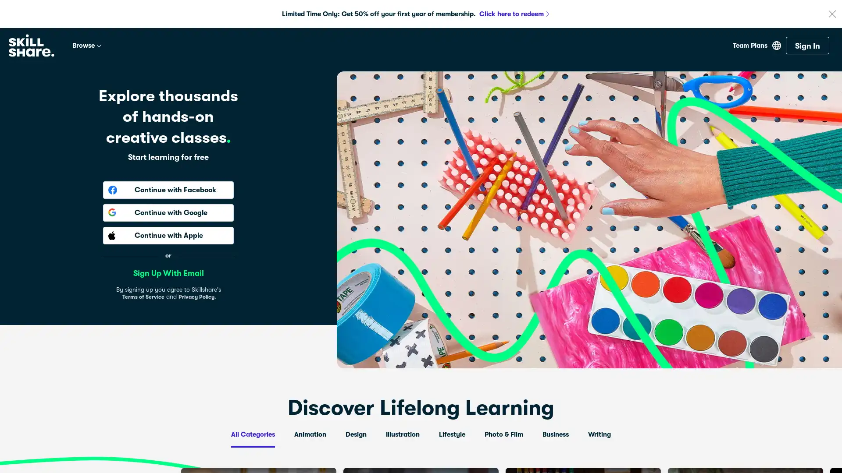 Image resolution: width=842 pixels, height=473 pixels. What do you see at coordinates (168, 234) in the screenshot?
I see `Continue with Apple` at bounding box center [168, 234].